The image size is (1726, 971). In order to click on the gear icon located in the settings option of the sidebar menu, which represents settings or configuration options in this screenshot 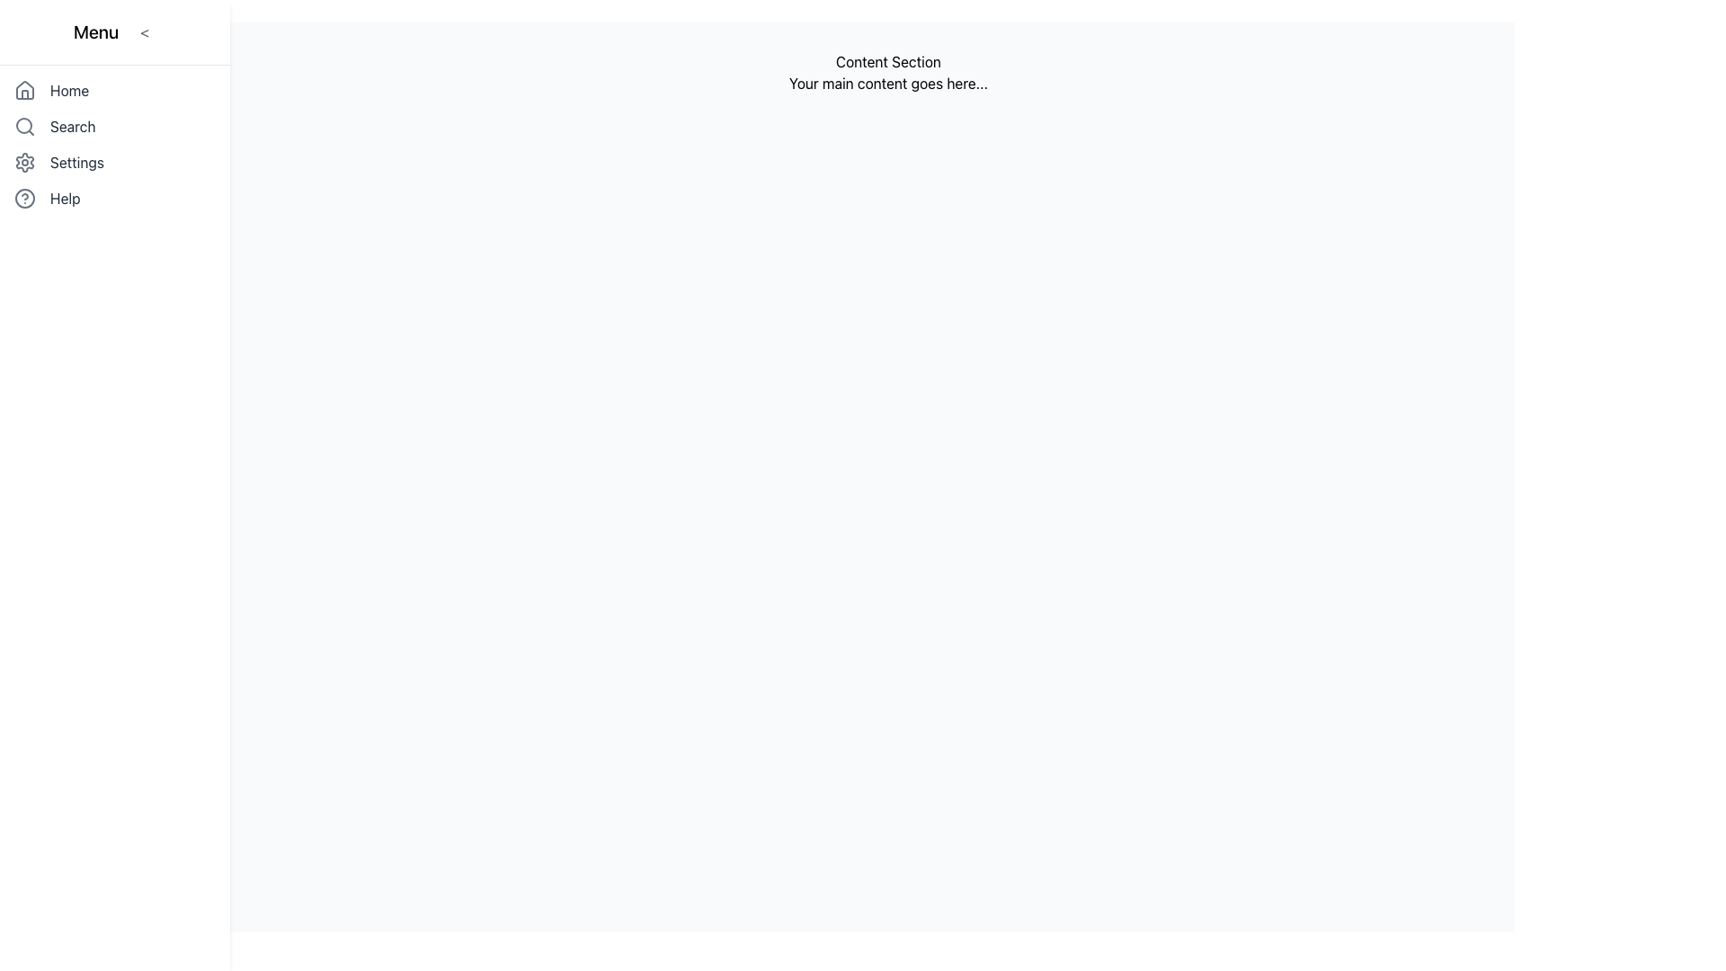, I will do `click(25, 163)`.